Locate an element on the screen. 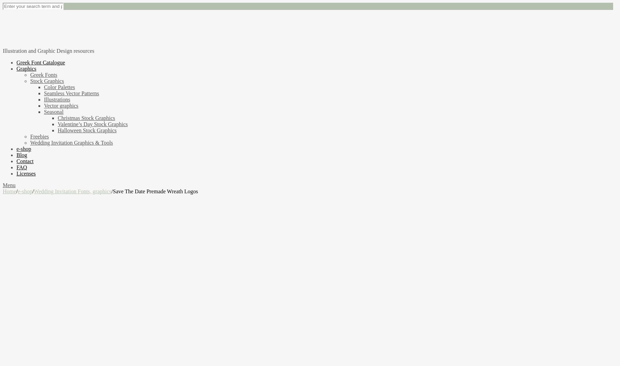 This screenshot has height=366, width=620. 'Color Palettes' is located at coordinates (59, 87).